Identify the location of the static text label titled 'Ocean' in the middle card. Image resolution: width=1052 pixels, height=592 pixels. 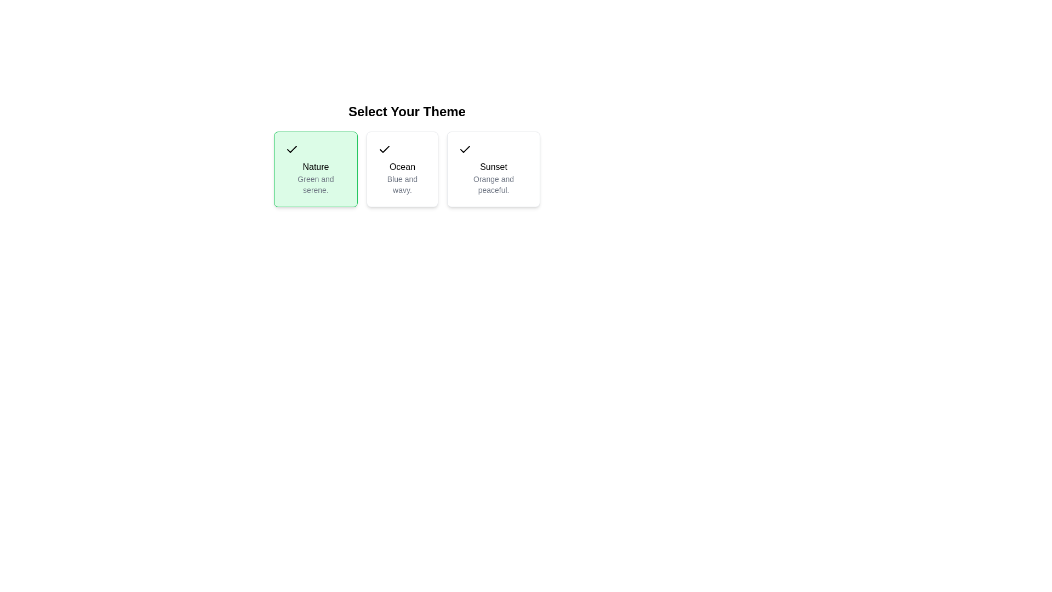
(402, 167).